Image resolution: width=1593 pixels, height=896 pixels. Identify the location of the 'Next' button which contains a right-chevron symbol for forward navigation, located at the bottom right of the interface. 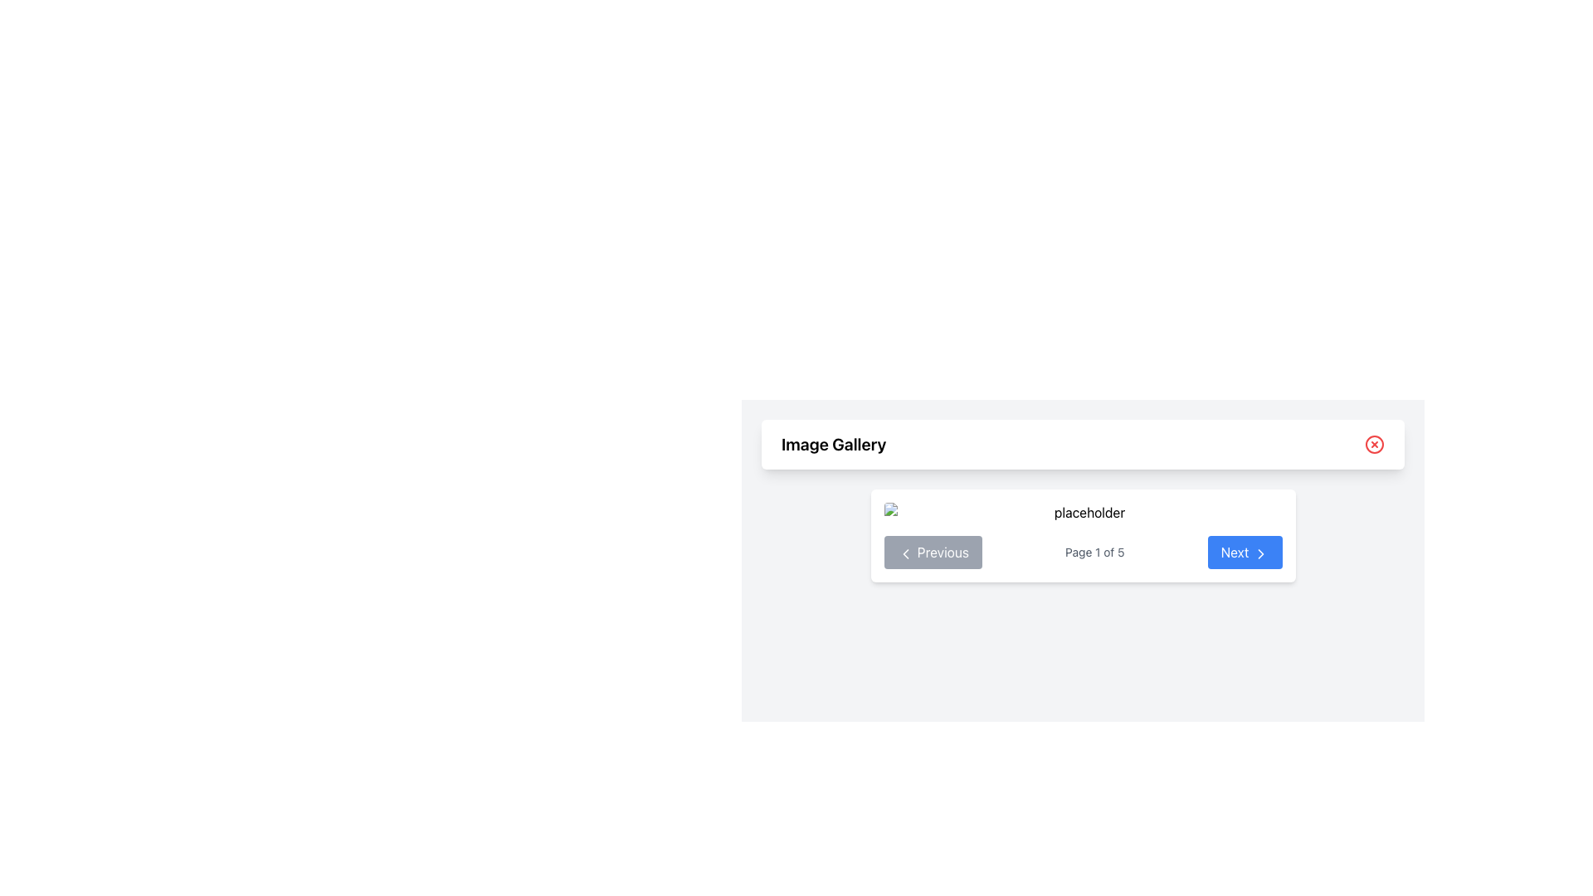
(1260, 553).